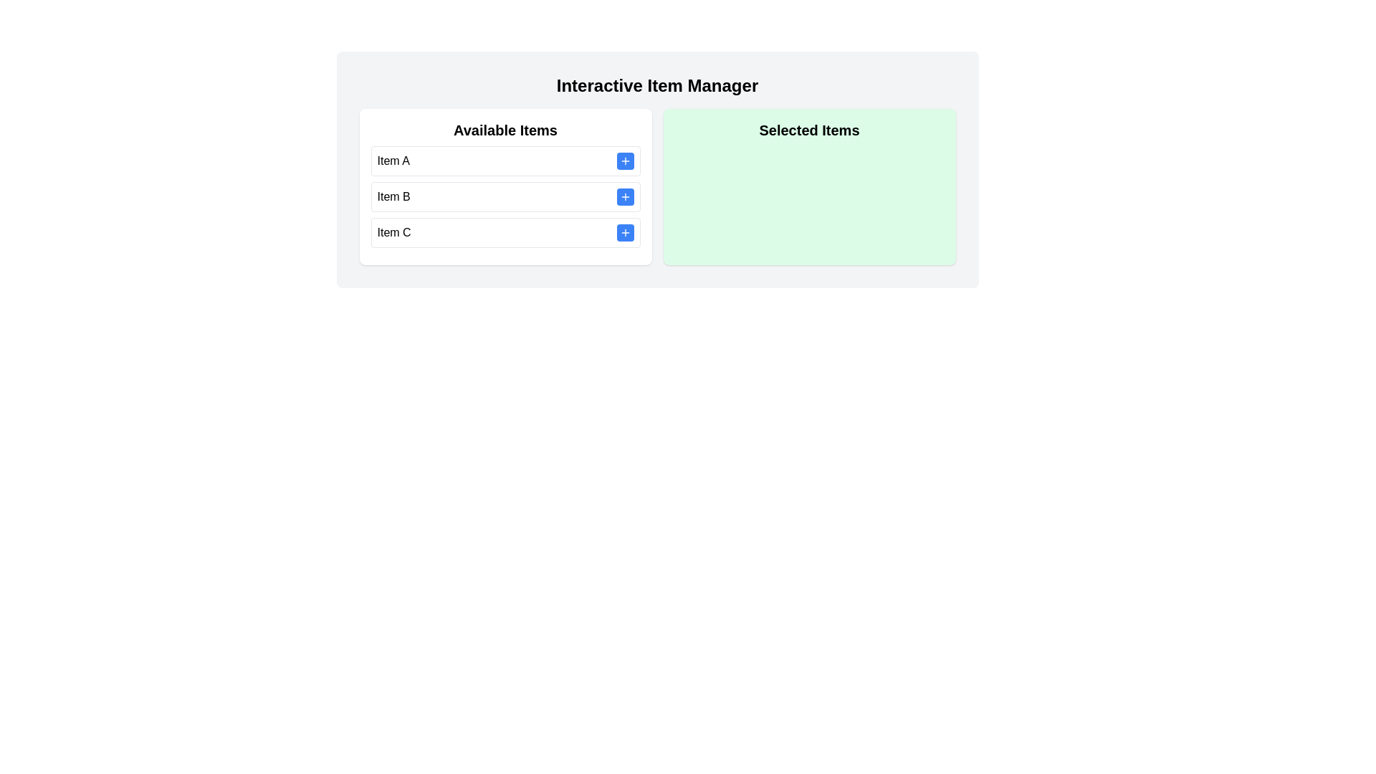 This screenshot has width=1376, height=774. What do you see at coordinates (625, 196) in the screenshot?
I see `the small blue plus-shaped SVG icon located within a rounded blue rectangle button, adjacent to the label 'Item B' in the second row of the 'Available Items' list` at bounding box center [625, 196].